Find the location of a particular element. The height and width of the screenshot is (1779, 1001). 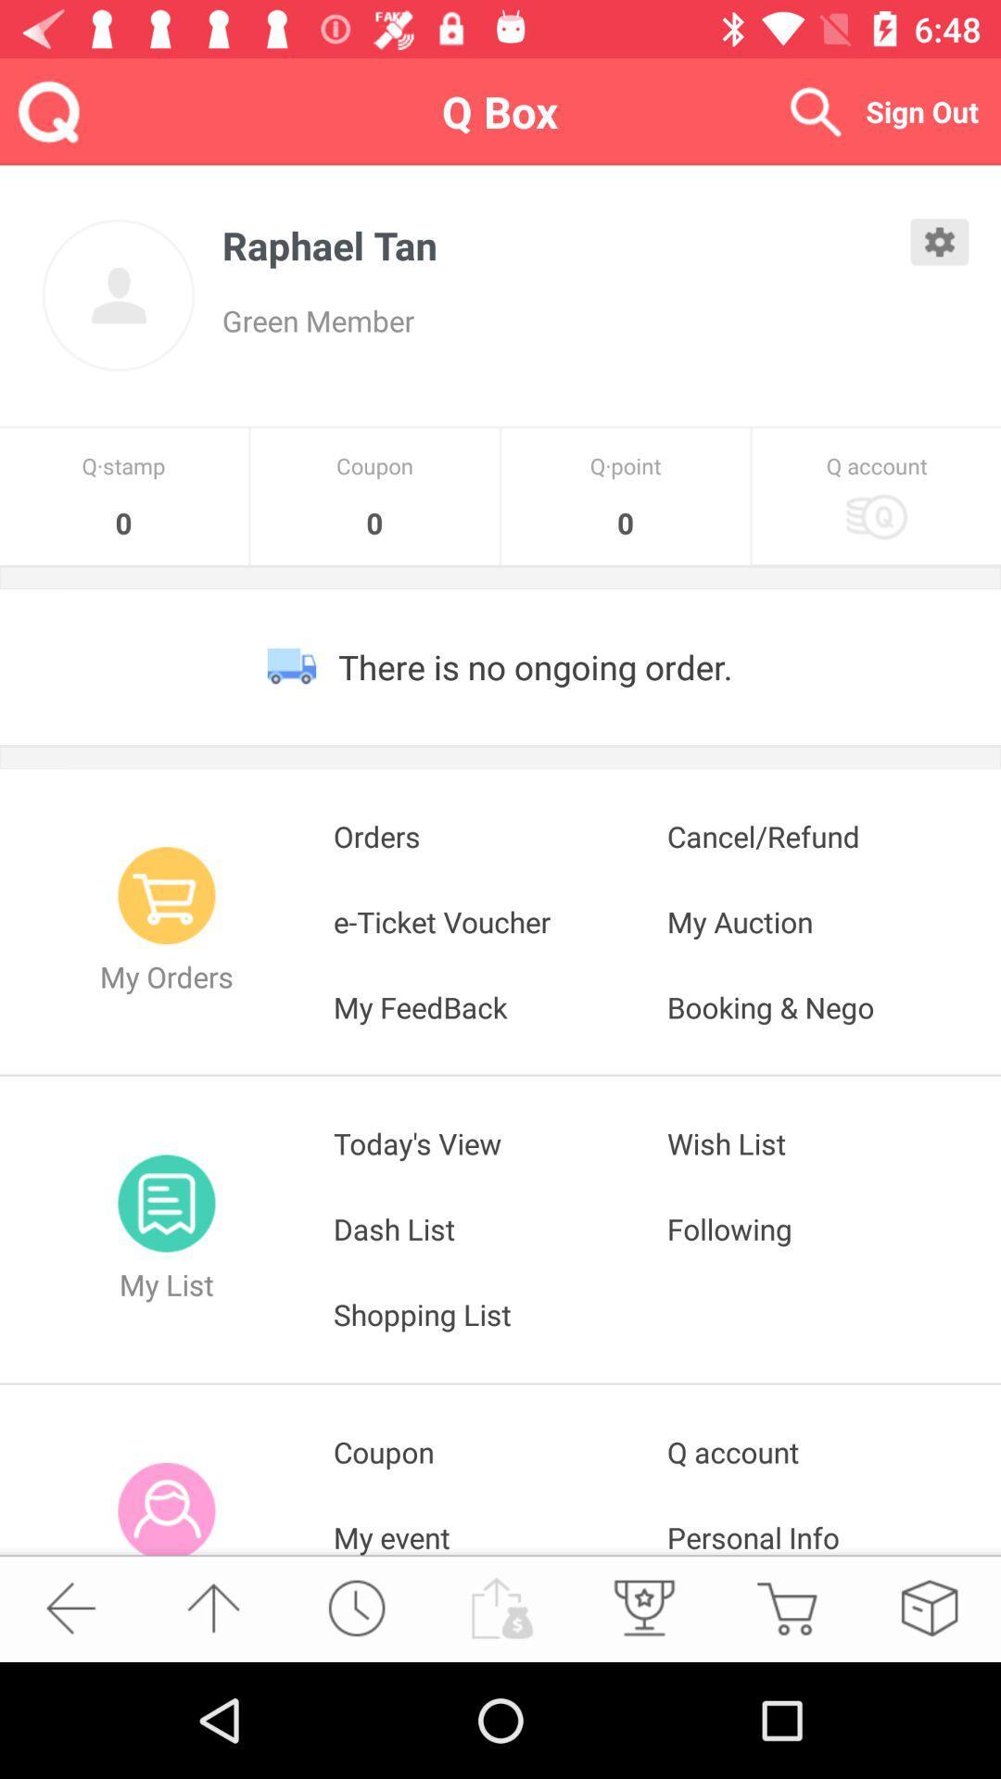

checks on shipping area is located at coordinates (929, 1607).